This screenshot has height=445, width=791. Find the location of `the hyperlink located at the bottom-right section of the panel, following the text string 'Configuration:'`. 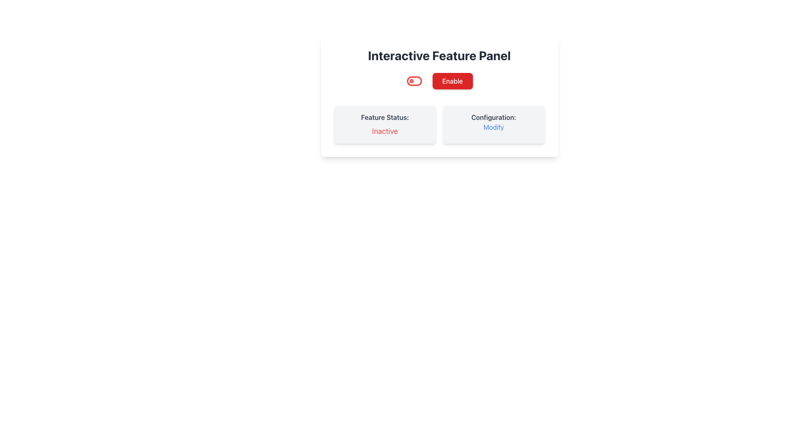

the hyperlink located at the bottom-right section of the panel, following the text string 'Configuration:' is located at coordinates (494, 127).